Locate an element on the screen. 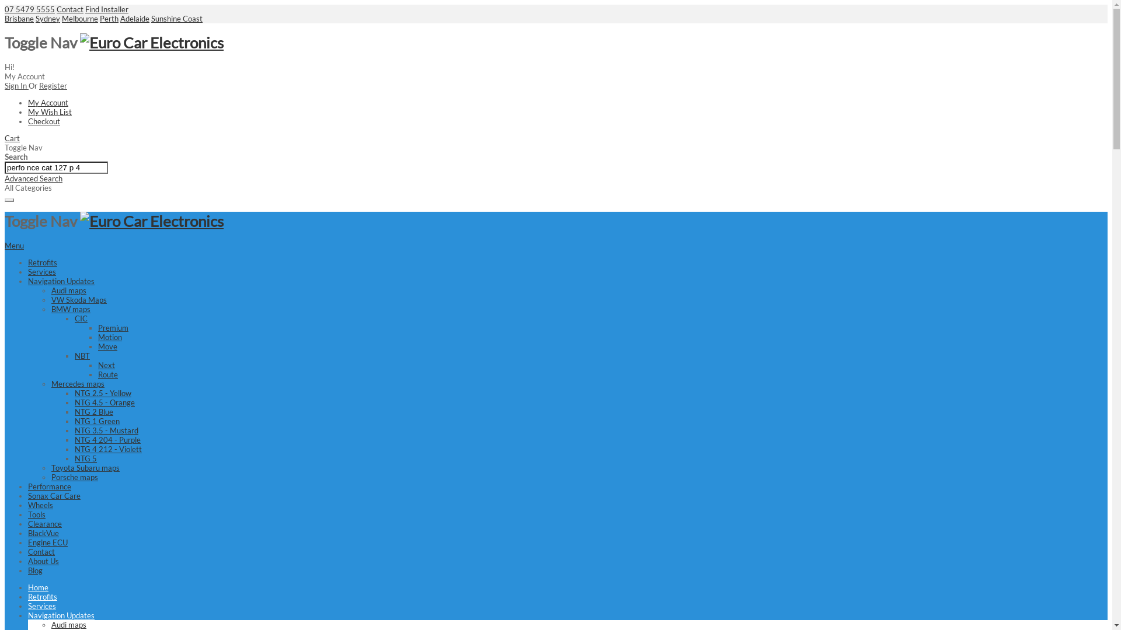 Image resolution: width=1121 pixels, height=630 pixels. 'NTG 2 Blue' is located at coordinates (94, 411).